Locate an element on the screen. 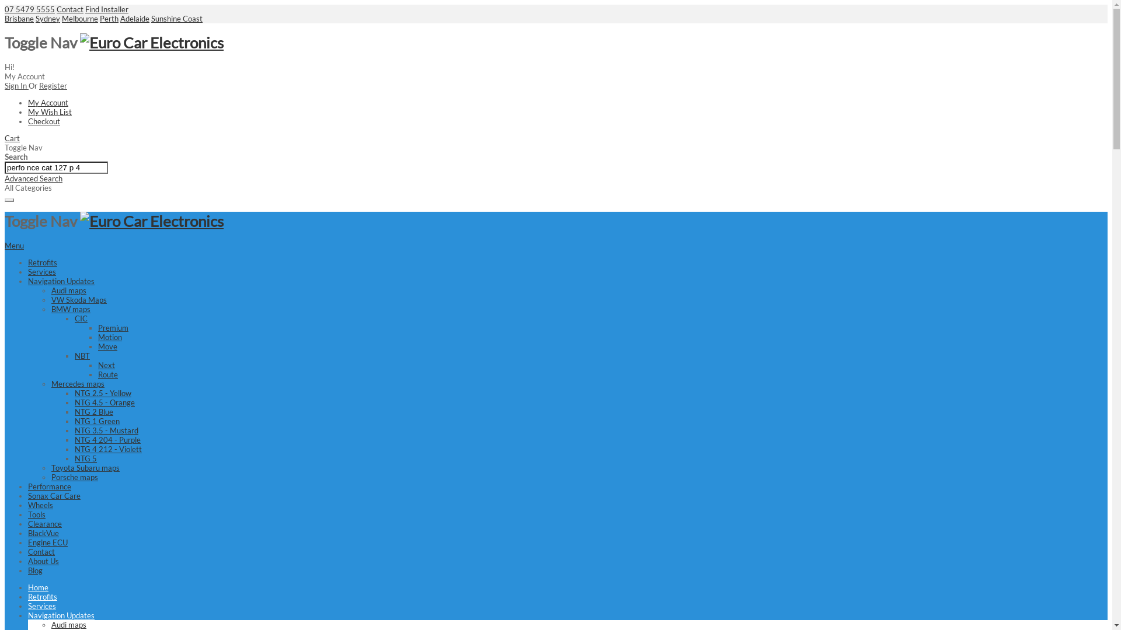 Image resolution: width=1121 pixels, height=630 pixels. 'NTG 2 Blue' is located at coordinates (94, 411).